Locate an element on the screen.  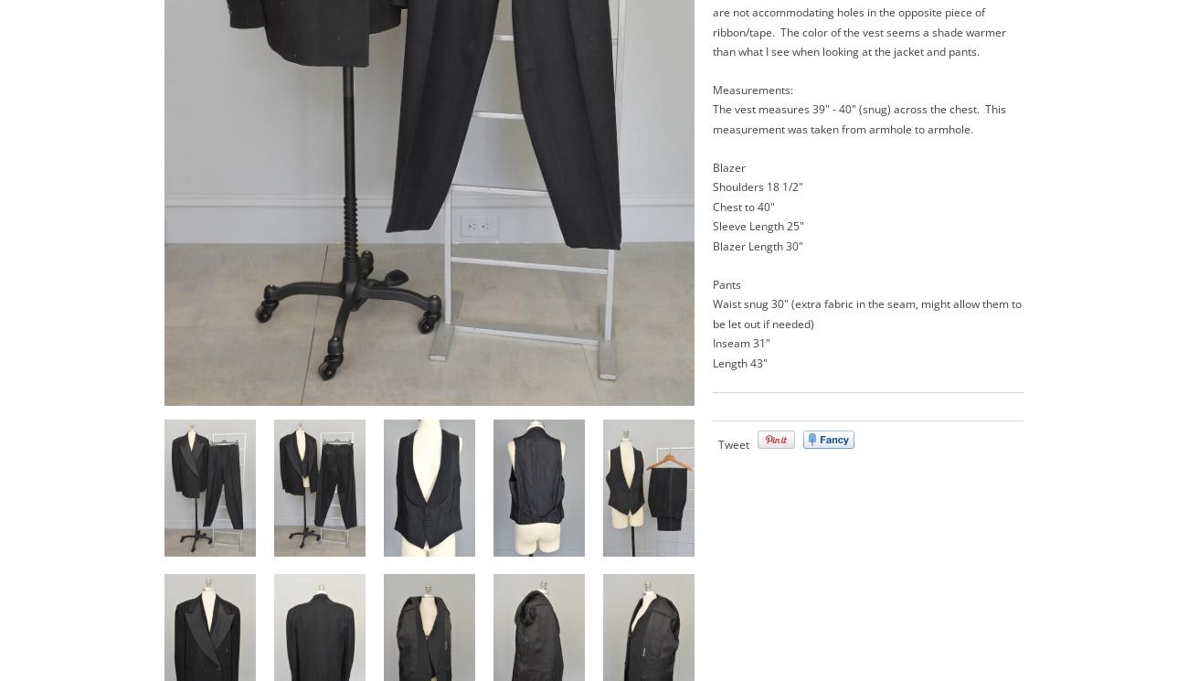
'Chest to 40"' is located at coordinates (744, 206).